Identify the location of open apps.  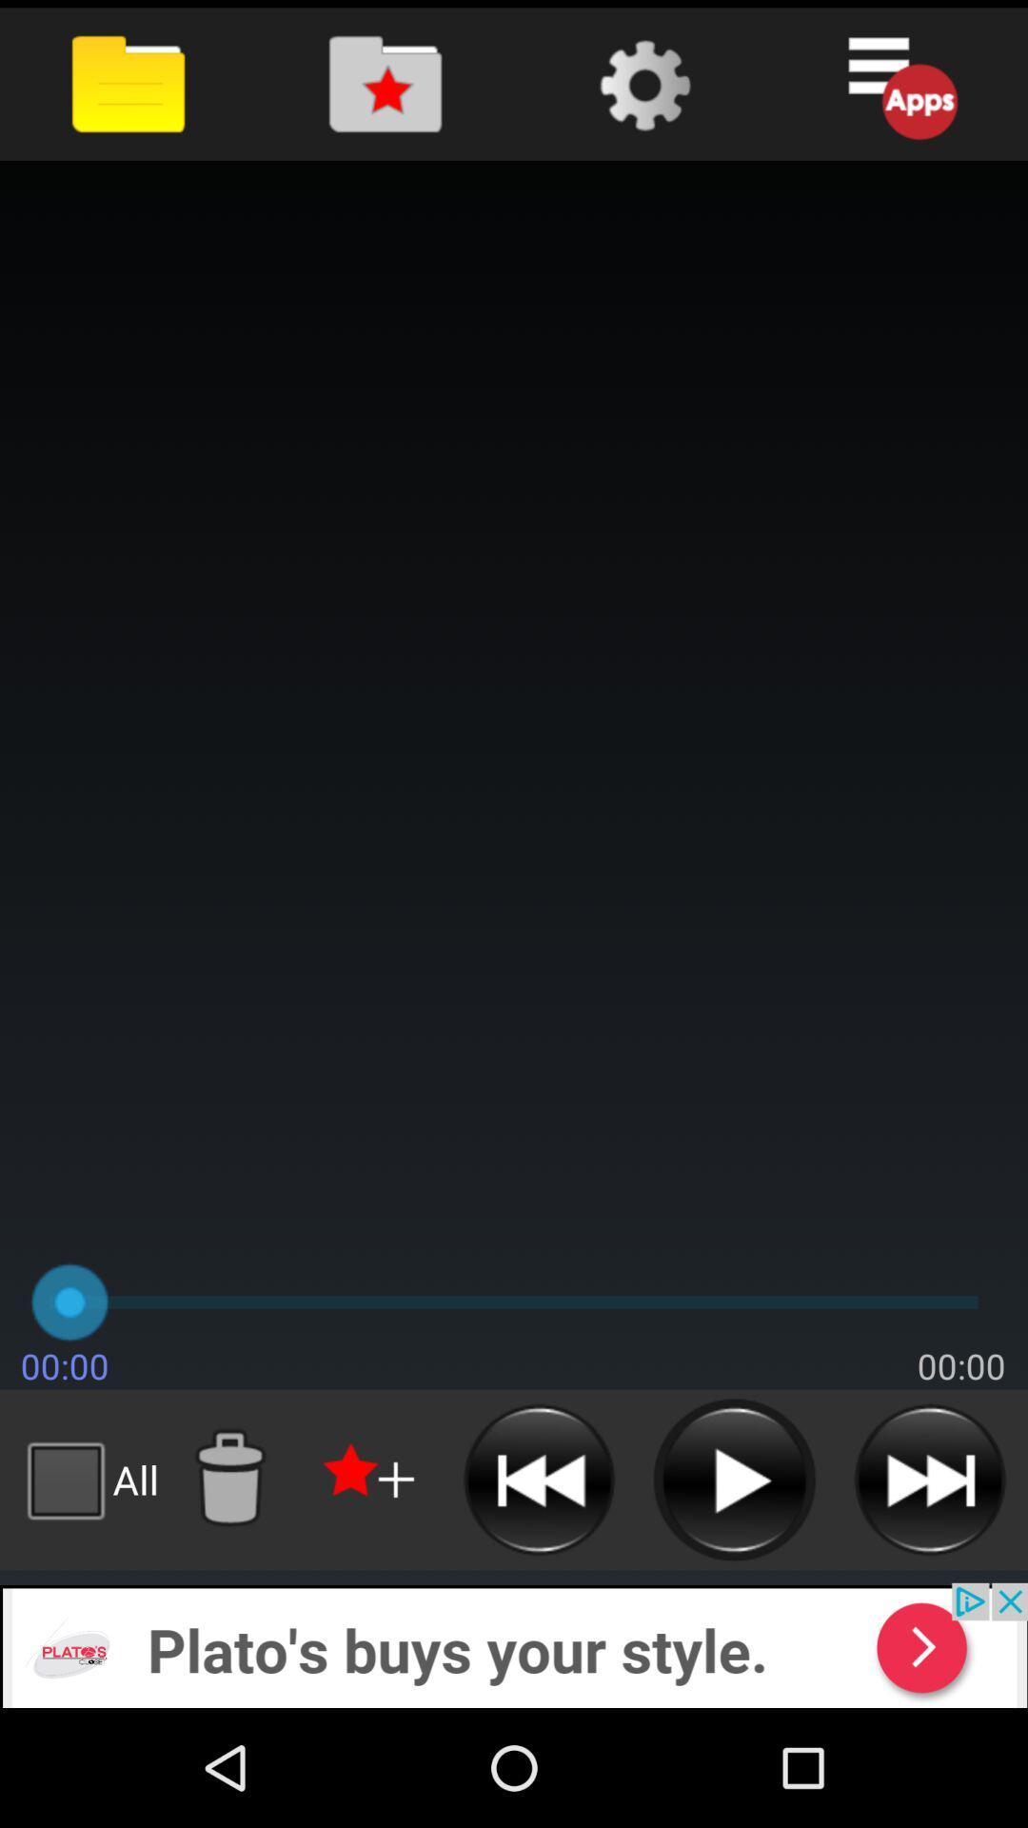
(899, 83).